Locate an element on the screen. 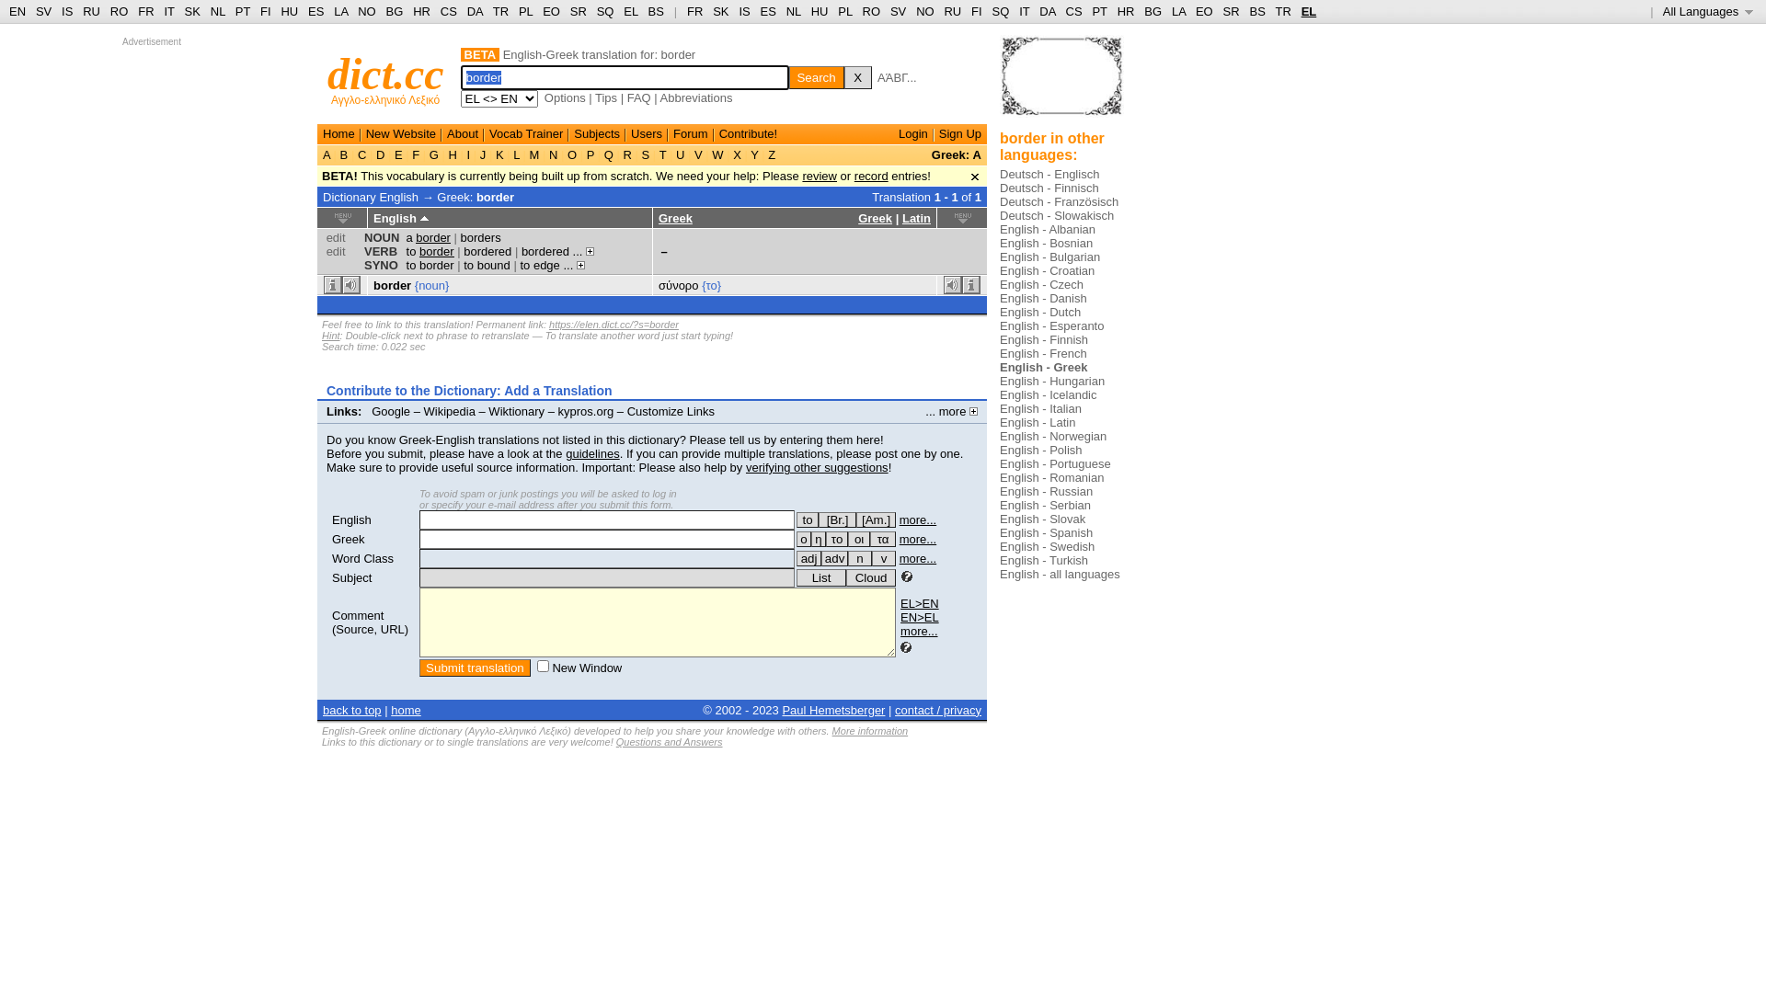 The image size is (1766, 993). 'X' is located at coordinates (856, 76).